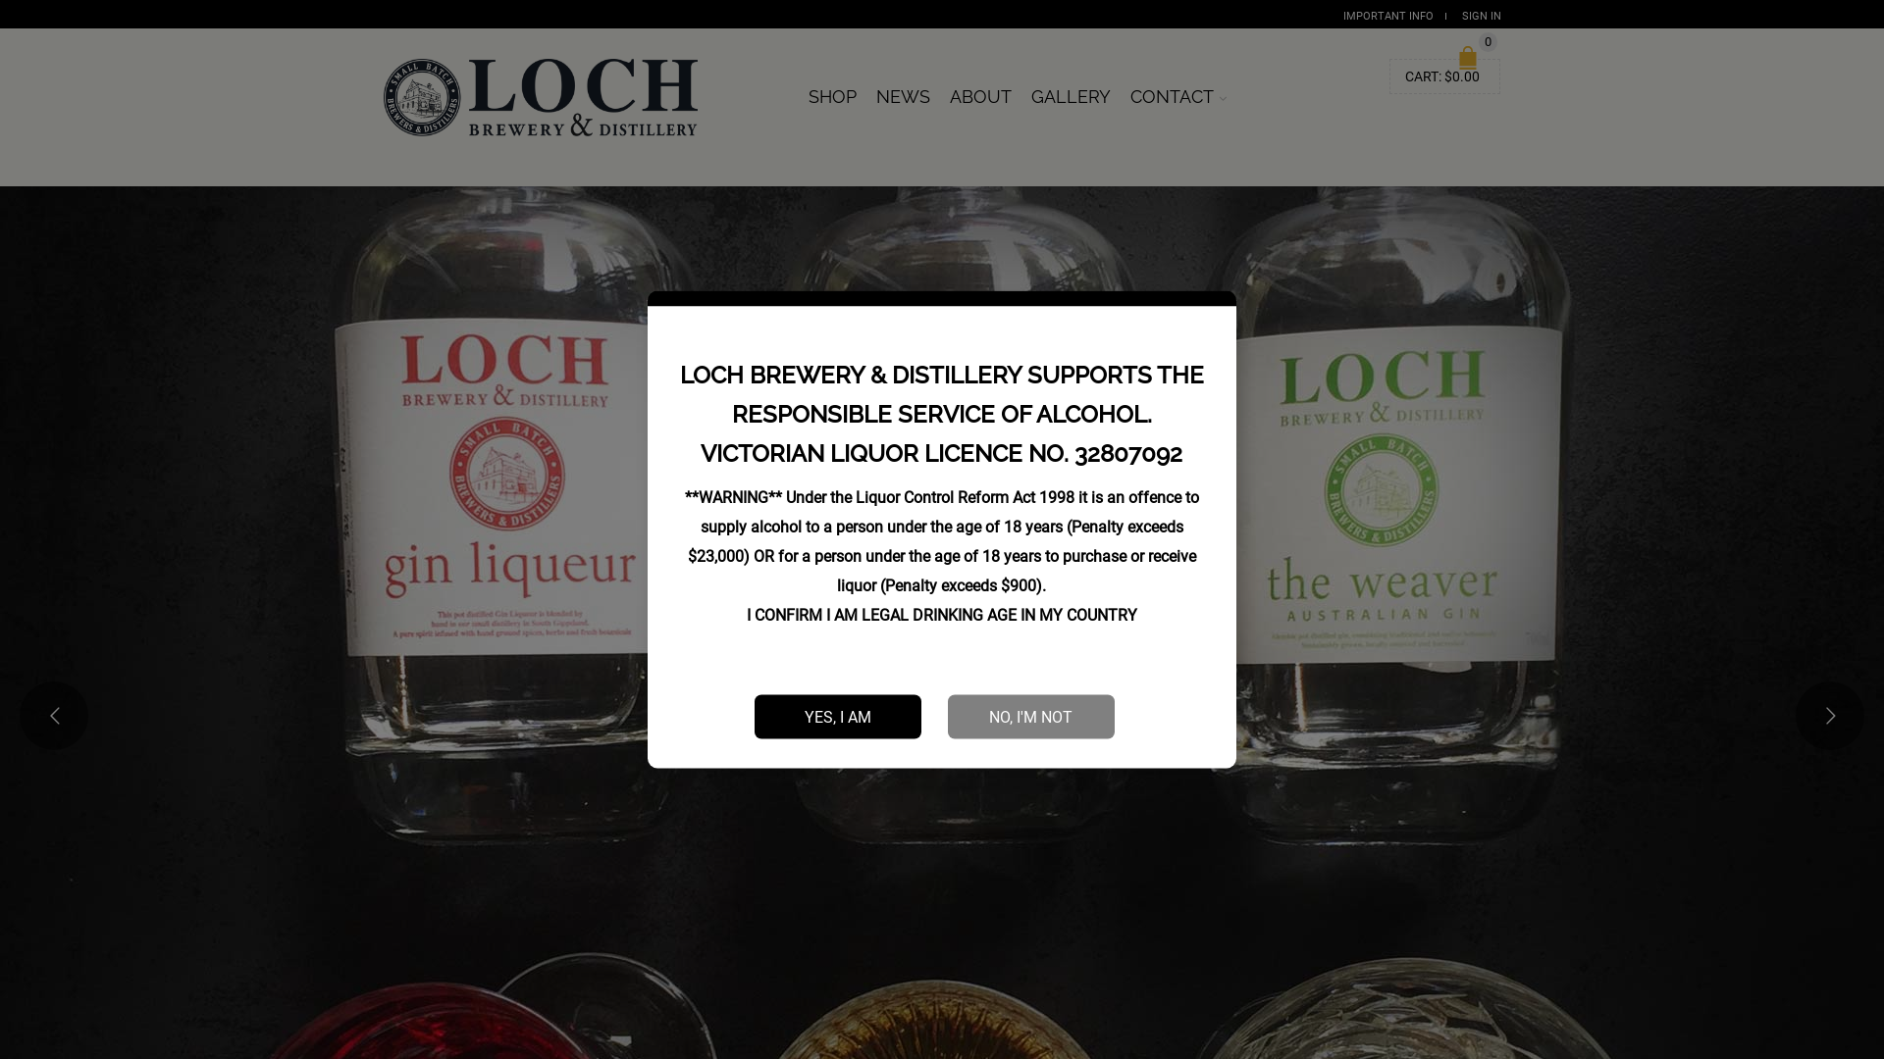 The image size is (1884, 1059). Describe the element at coordinates (1245, 86) in the screenshot. I see `'BOOKINGS'` at that location.